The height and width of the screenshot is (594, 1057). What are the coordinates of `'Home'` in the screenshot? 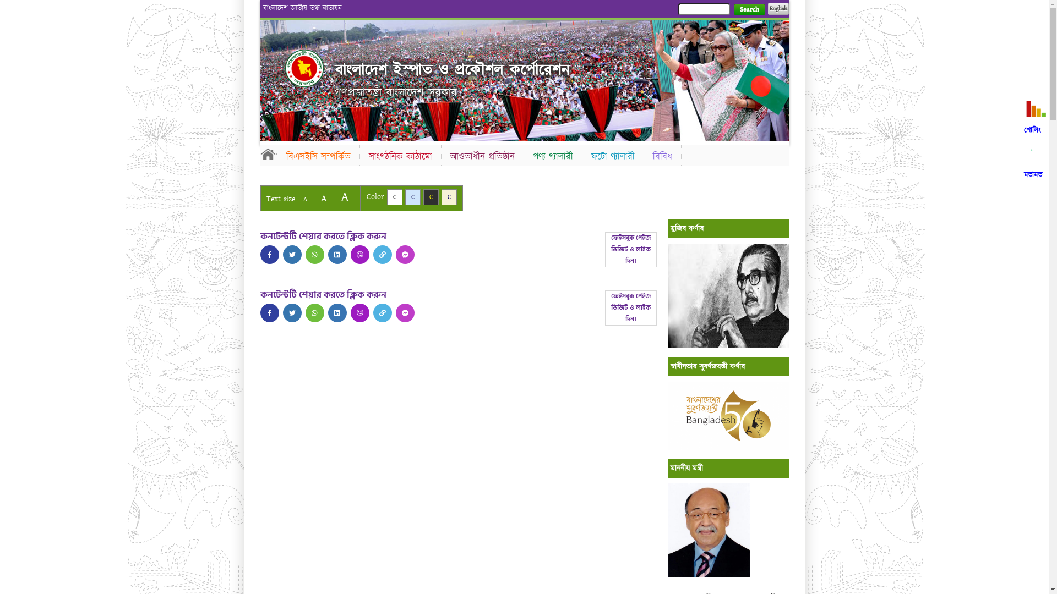 It's located at (304, 68).